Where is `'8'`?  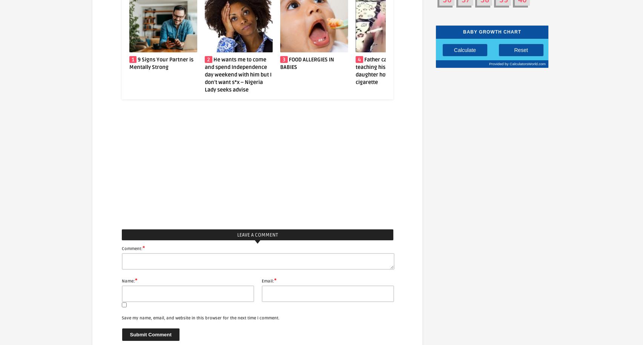
'8' is located at coordinates (585, 59).